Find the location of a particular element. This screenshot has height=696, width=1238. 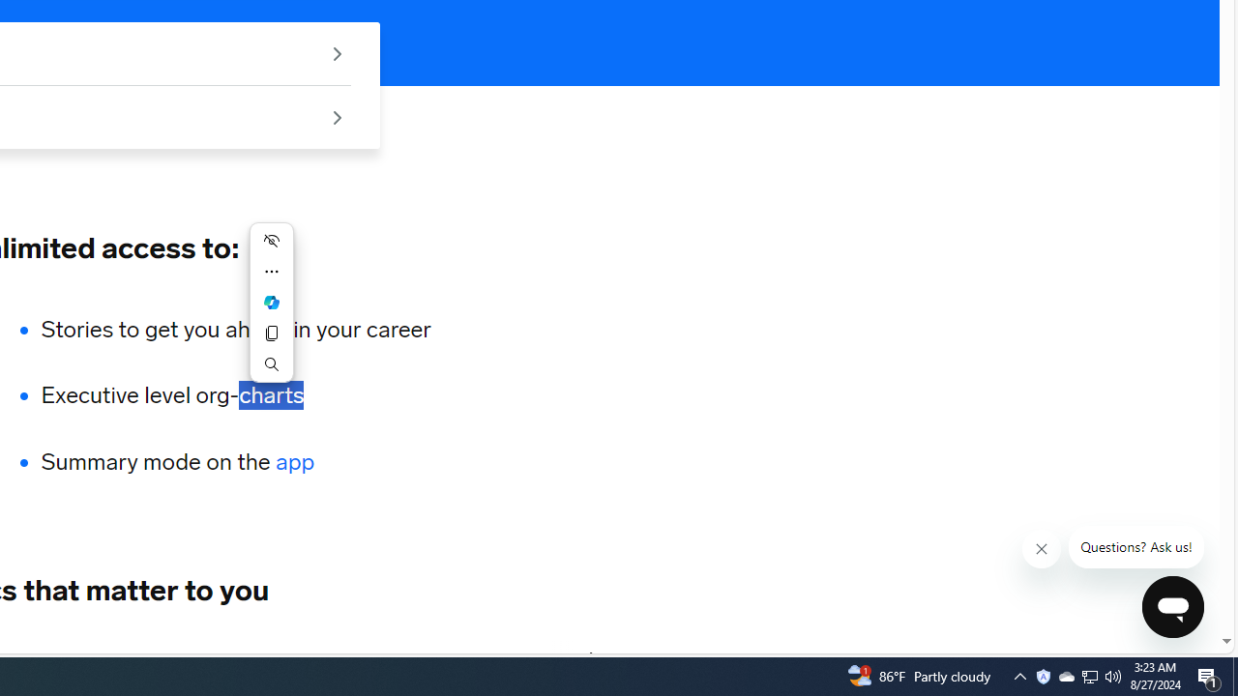

'Class: sc-1k07fow-1 cbnSms' is located at coordinates (1171, 605).